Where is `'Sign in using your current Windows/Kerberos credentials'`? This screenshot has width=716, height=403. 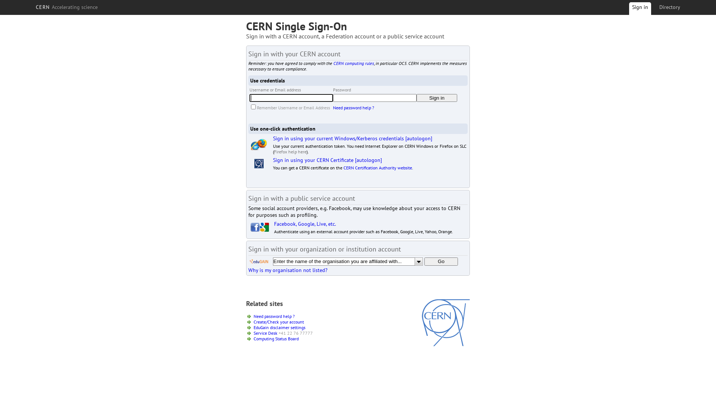 'Sign in using your current Windows/Kerberos credentials' is located at coordinates (338, 138).